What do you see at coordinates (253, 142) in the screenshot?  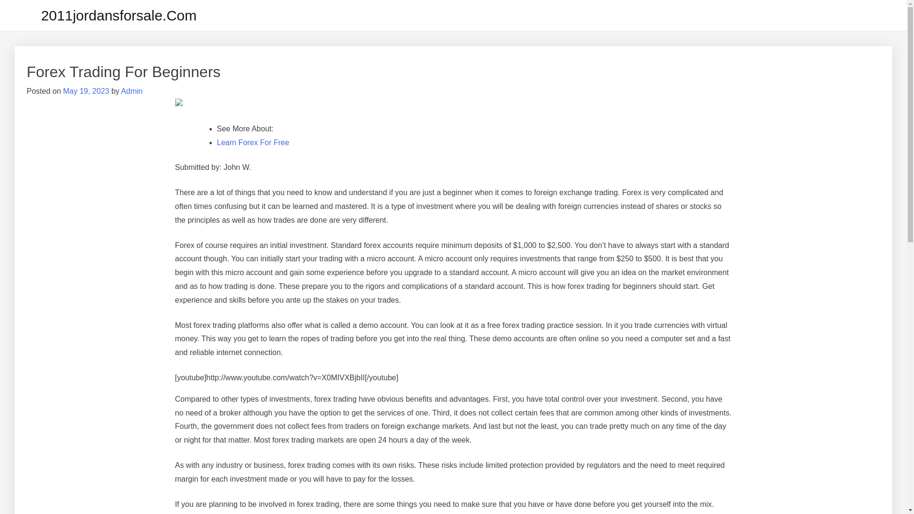 I see `'Learn Forex For Free'` at bounding box center [253, 142].